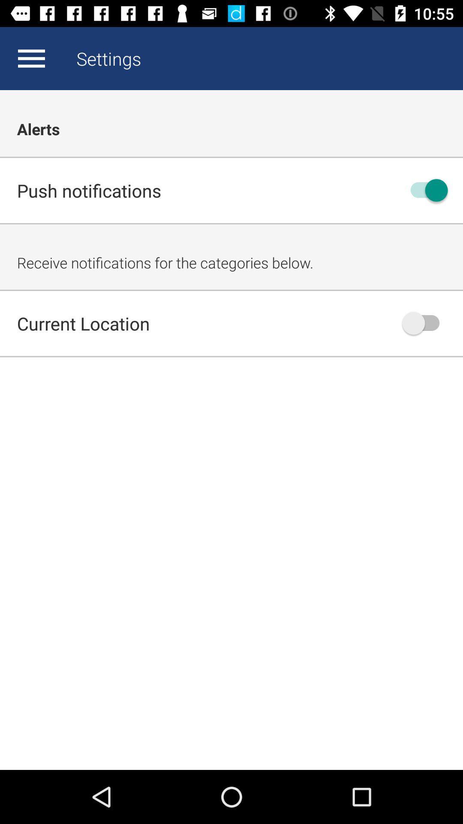 The width and height of the screenshot is (463, 824). Describe the element at coordinates (425, 323) in the screenshot. I see `current location notifications` at that location.